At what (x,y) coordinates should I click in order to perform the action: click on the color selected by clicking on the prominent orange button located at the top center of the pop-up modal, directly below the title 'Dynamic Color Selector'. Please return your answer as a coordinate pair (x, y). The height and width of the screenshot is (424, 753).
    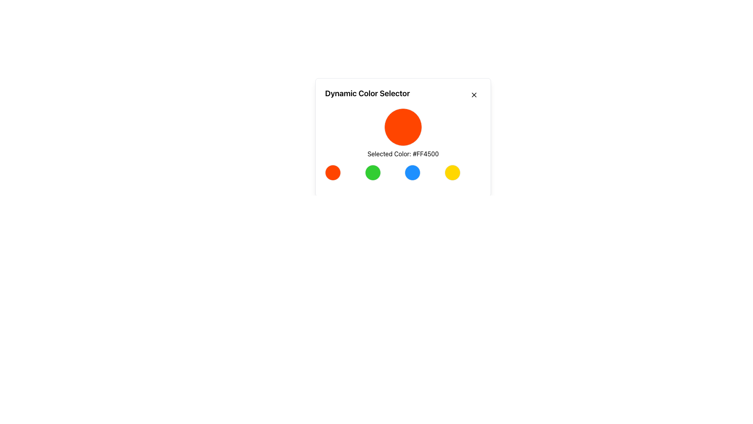
    Looking at the image, I should click on (403, 137).